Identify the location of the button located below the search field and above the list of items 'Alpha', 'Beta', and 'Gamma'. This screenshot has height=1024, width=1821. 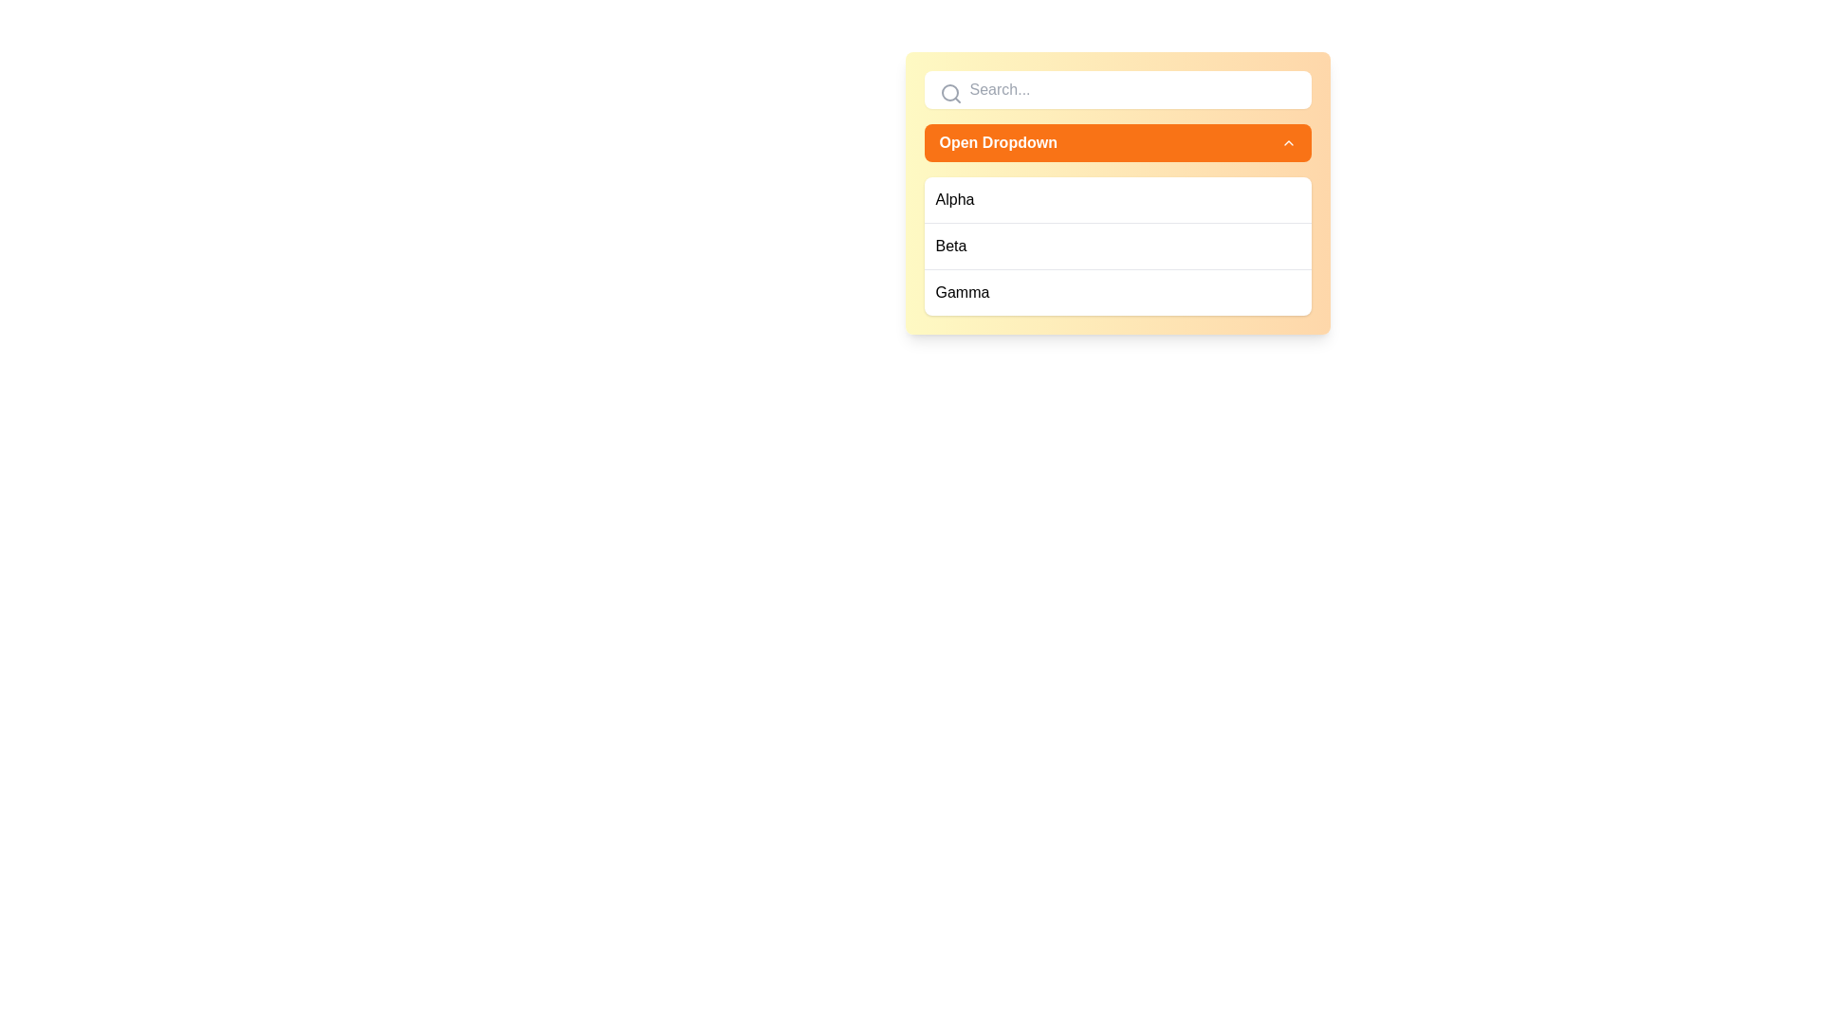
(1117, 141).